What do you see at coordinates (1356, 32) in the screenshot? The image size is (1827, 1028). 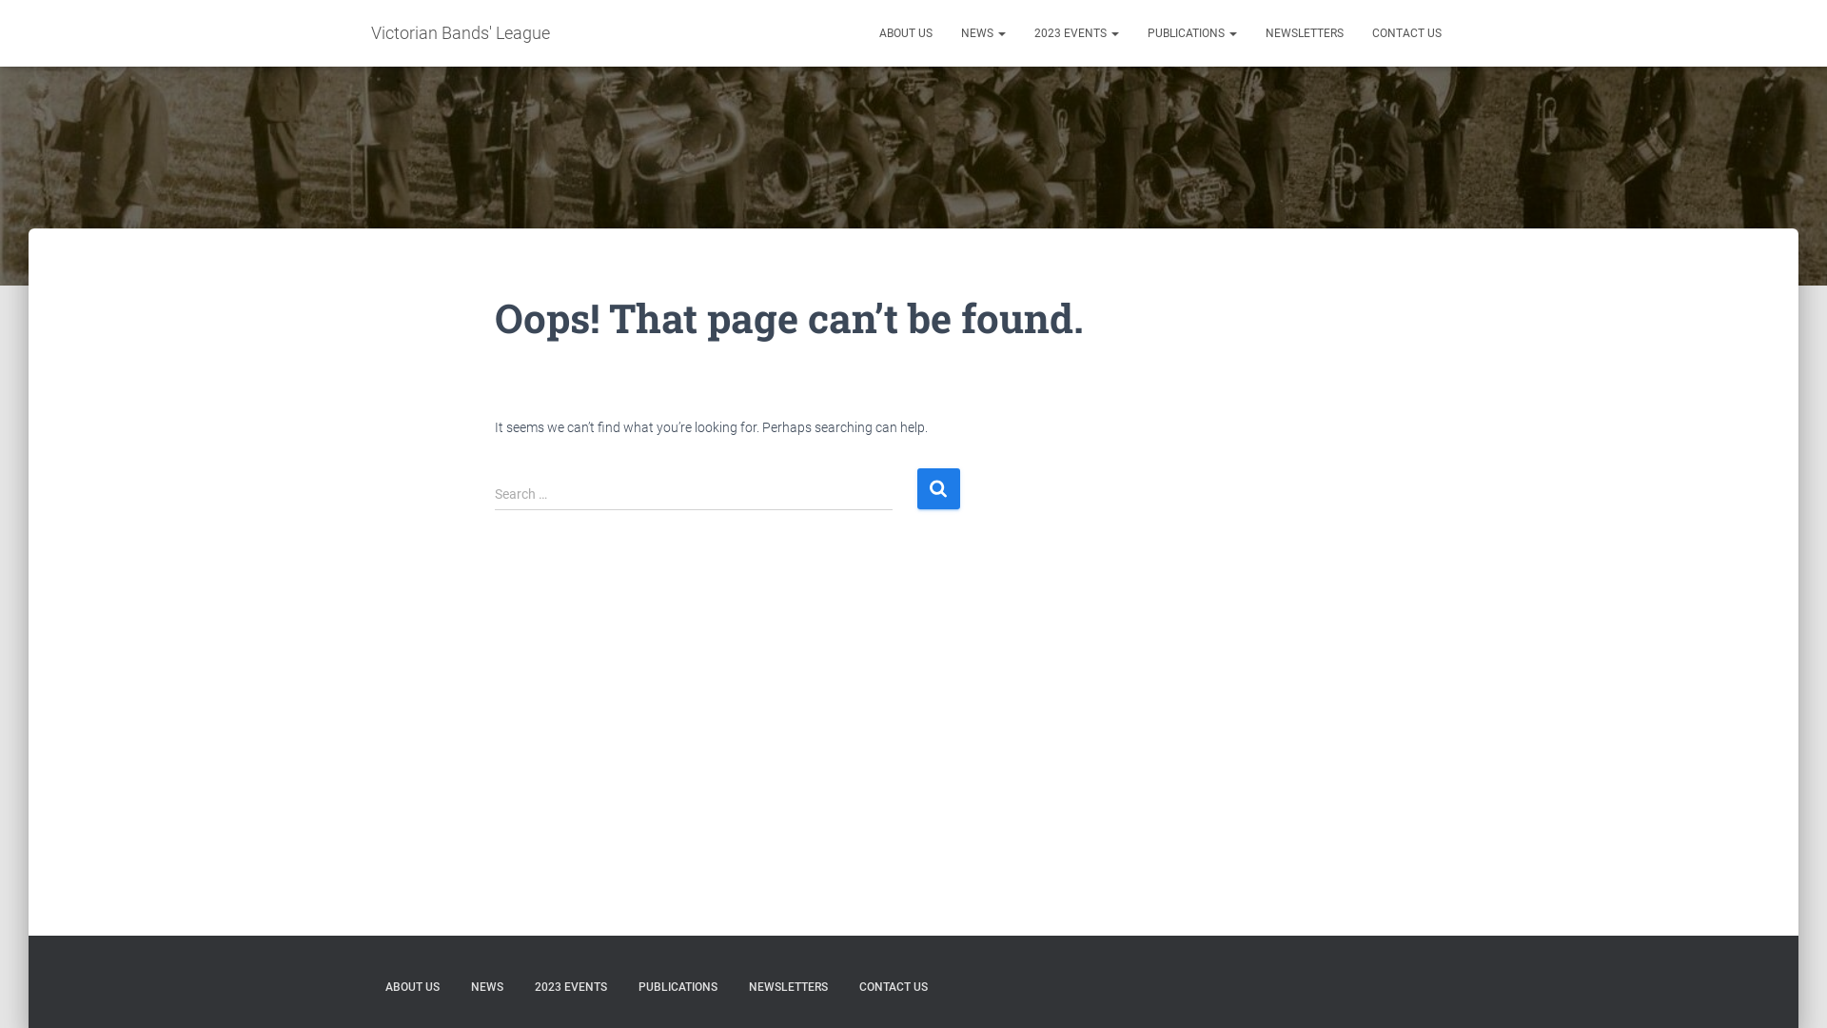 I see `'CONTACT US'` at bounding box center [1356, 32].